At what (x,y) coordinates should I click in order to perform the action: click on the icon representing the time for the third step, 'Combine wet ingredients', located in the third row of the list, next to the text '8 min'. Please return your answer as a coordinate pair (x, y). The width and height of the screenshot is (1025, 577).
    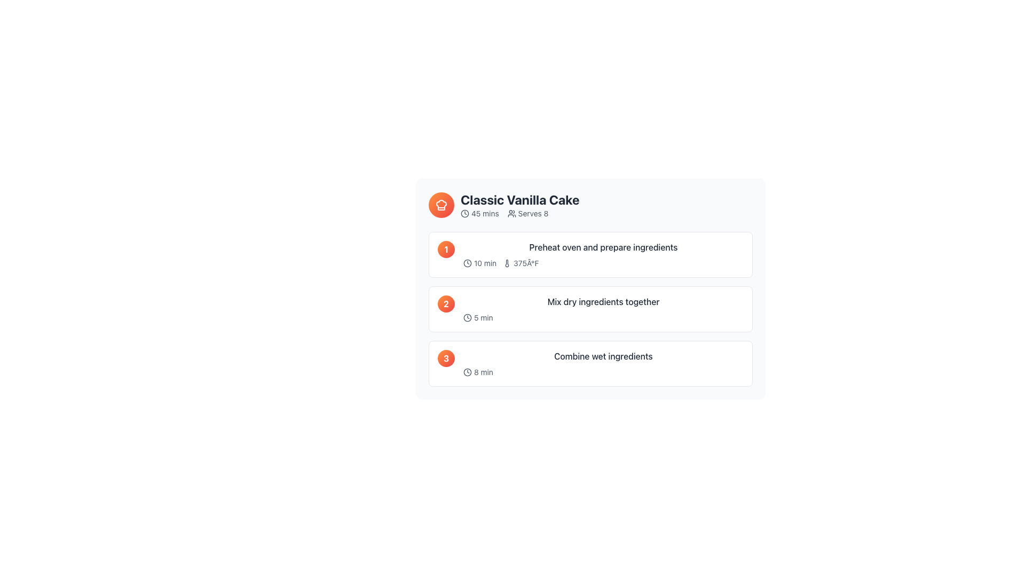
    Looking at the image, I should click on (467, 372).